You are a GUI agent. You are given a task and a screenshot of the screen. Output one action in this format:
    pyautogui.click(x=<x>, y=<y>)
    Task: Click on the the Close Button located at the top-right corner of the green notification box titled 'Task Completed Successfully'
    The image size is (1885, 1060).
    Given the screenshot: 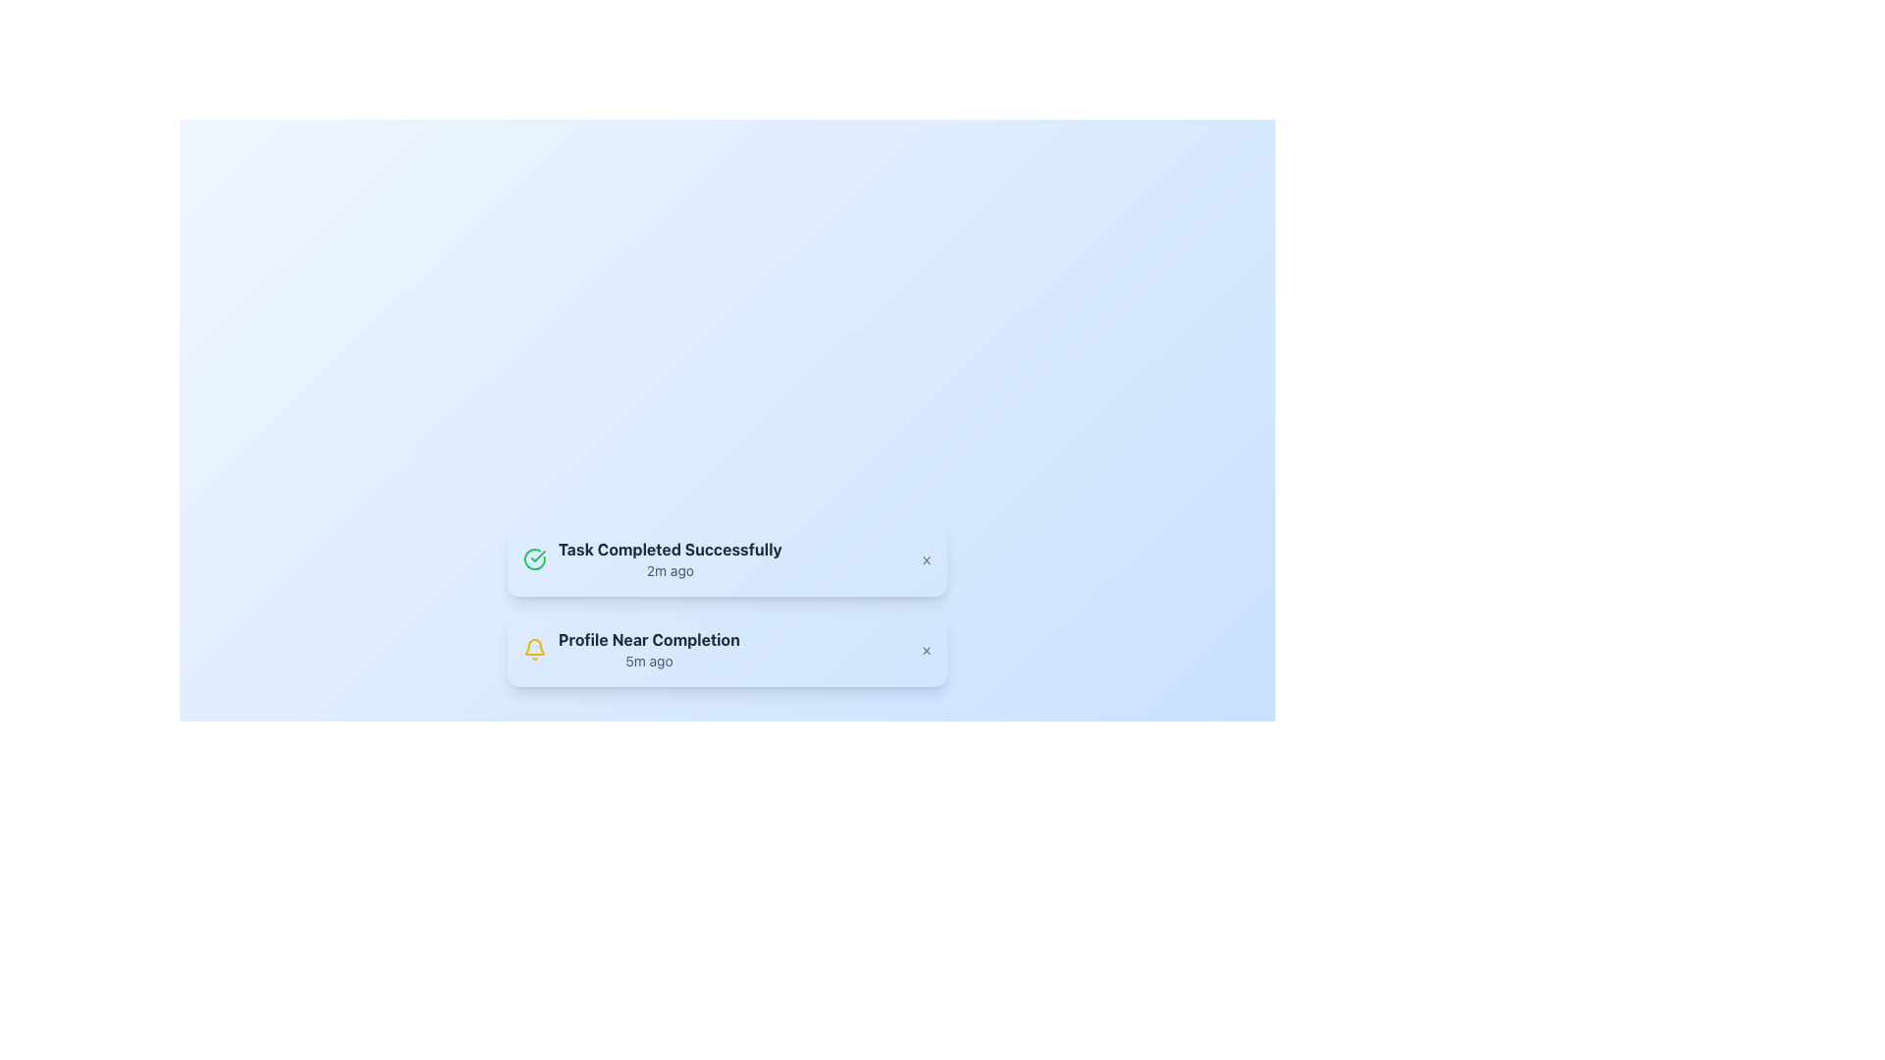 What is the action you would take?
    pyautogui.click(x=926, y=559)
    